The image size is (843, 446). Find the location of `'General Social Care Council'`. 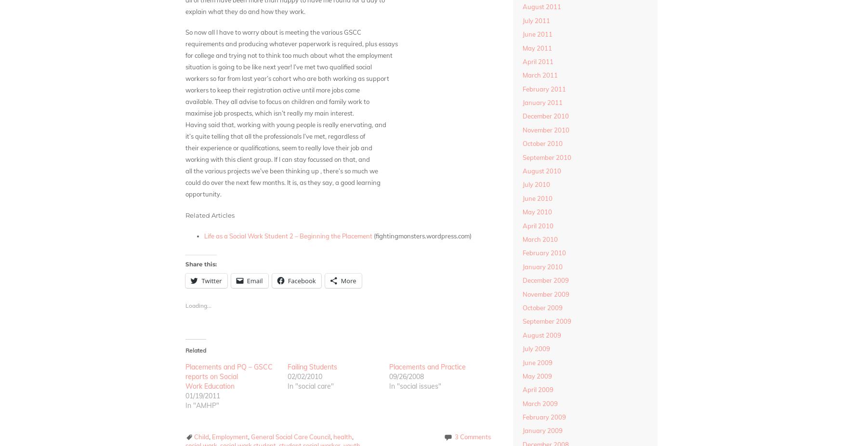

'General Social Care Council' is located at coordinates (290, 437).